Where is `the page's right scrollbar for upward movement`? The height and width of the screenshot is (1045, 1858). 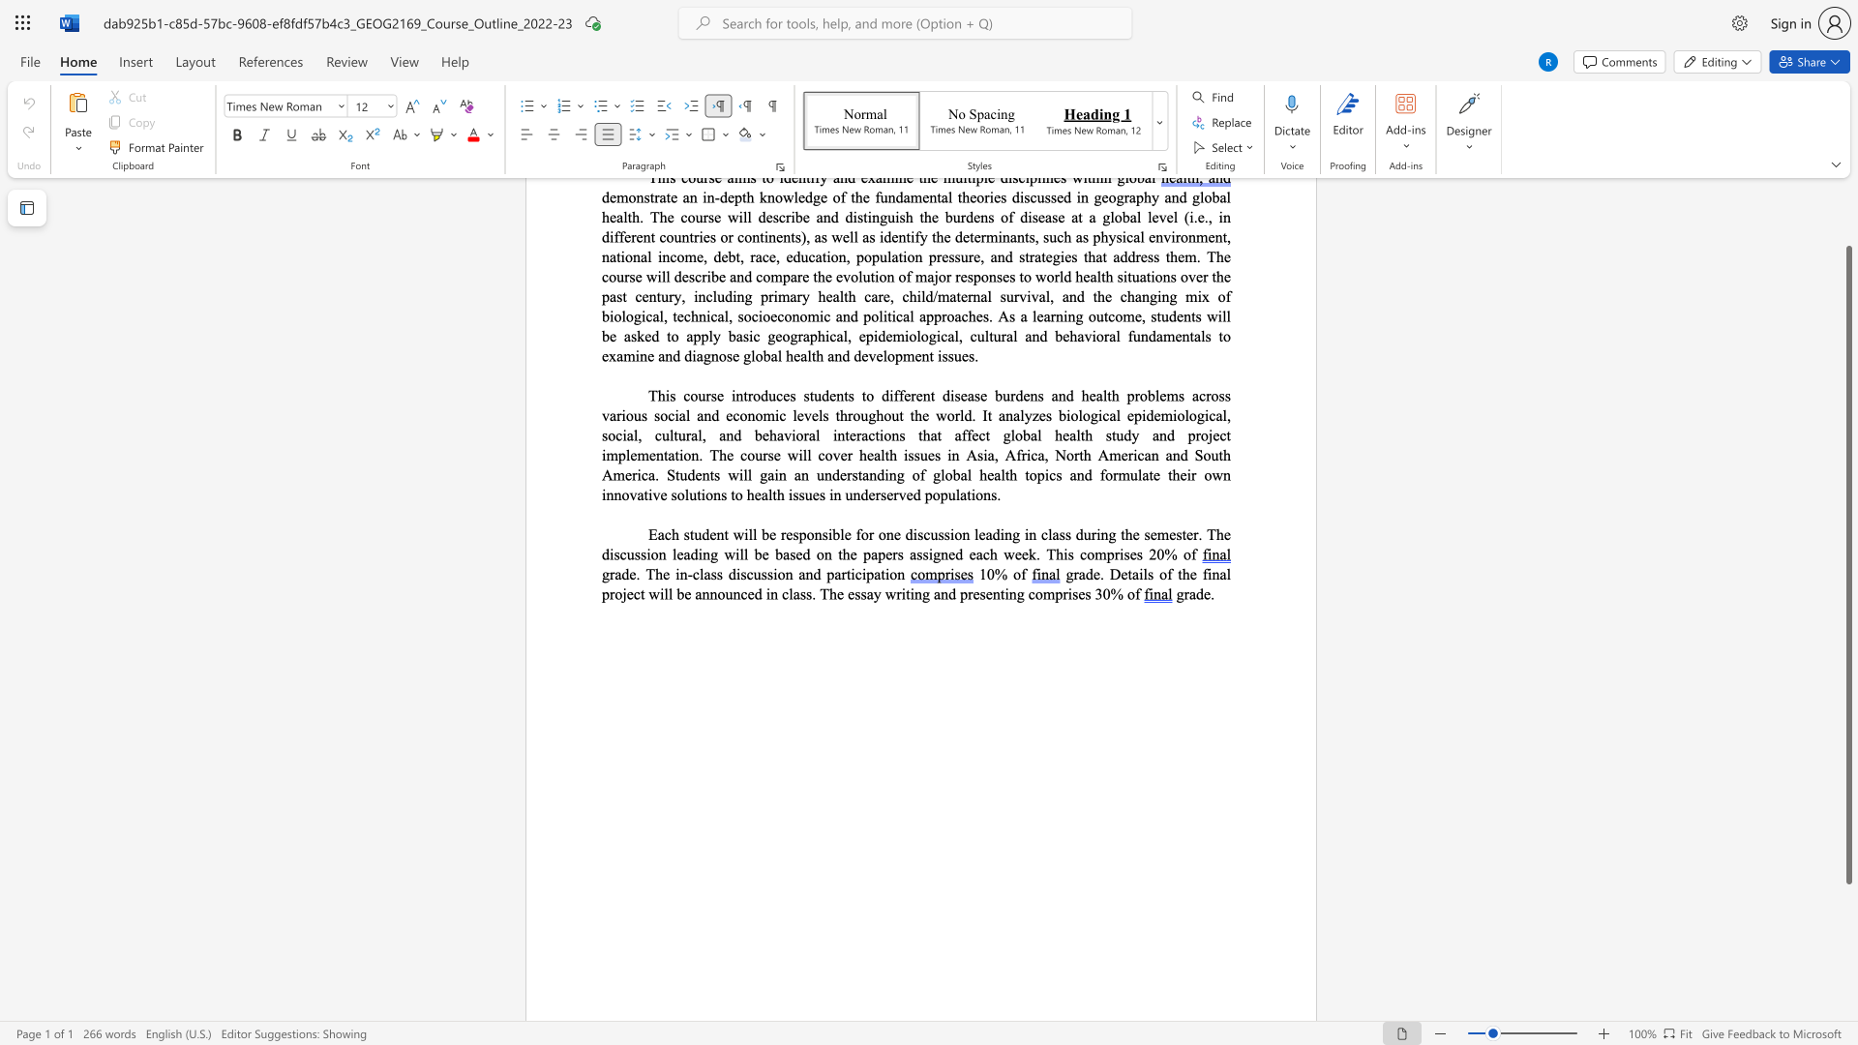 the page's right scrollbar for upward movement is located at coordinates (1847, 212).